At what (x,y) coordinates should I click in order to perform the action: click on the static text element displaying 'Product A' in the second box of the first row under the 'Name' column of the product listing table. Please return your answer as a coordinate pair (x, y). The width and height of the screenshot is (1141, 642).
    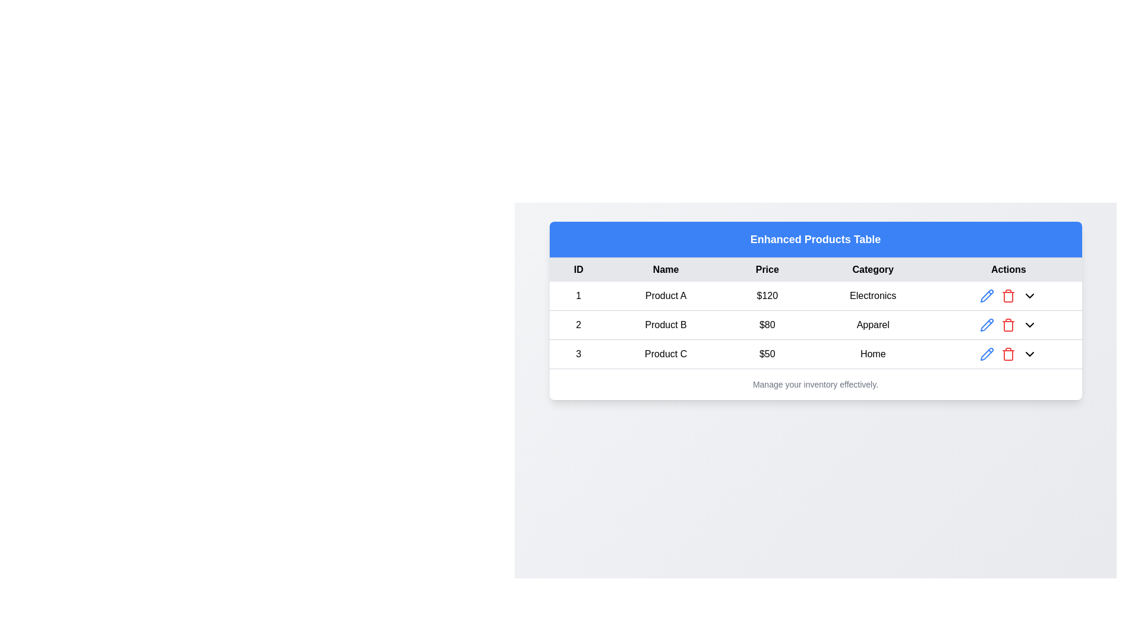
    Looking at the image, I should click on (666, 295).